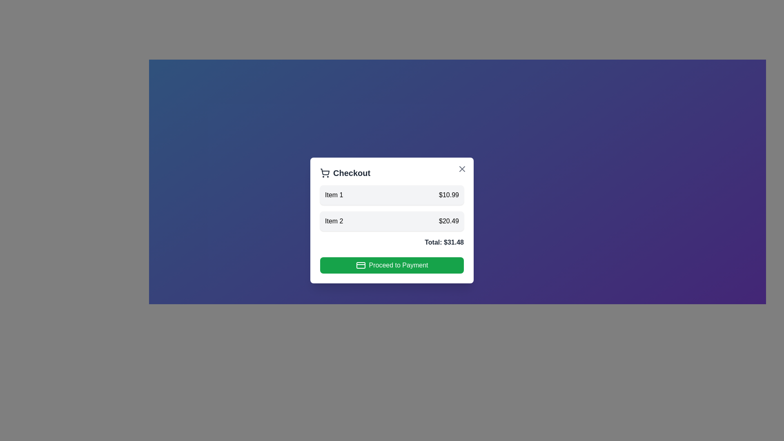 This screenshot has height=441, width=784. I want to click on the close button located in the top-right corner of the modal to change its color, so click(462, 168).